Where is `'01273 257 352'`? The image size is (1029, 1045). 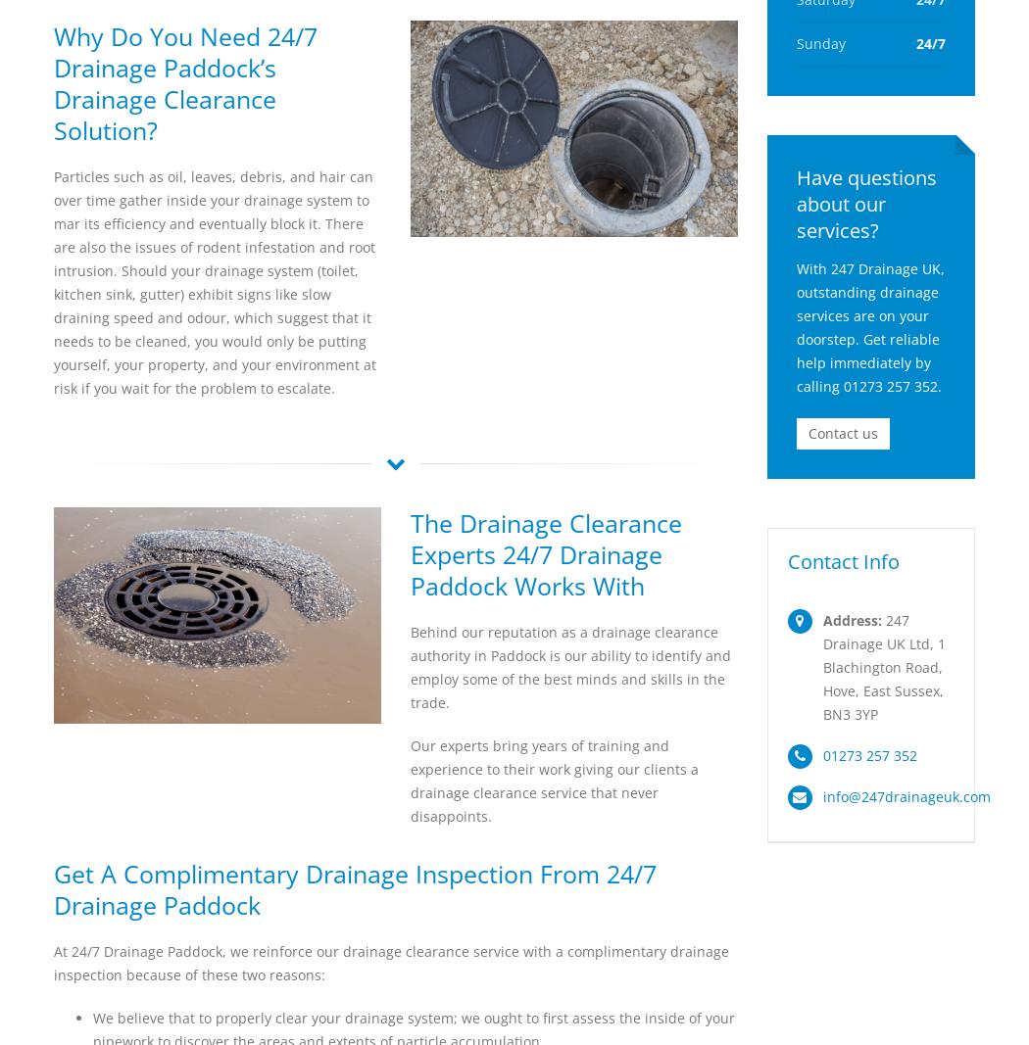 '01273 257 352' is located at coordinates (821, 754).